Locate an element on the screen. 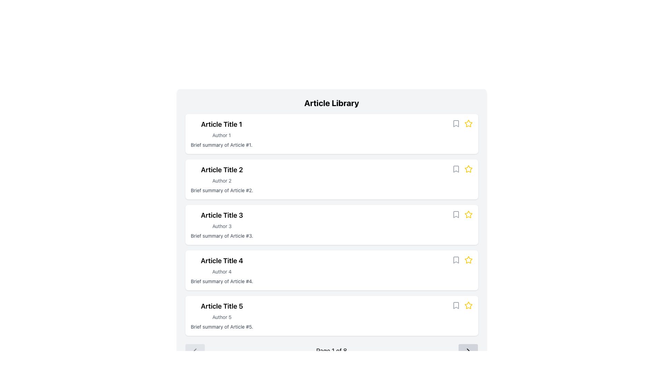  the favorite marker icon located at the far right of the row for 'Article Title 5' to check for additional information or a tooltip is located at coordinates (468, 305).